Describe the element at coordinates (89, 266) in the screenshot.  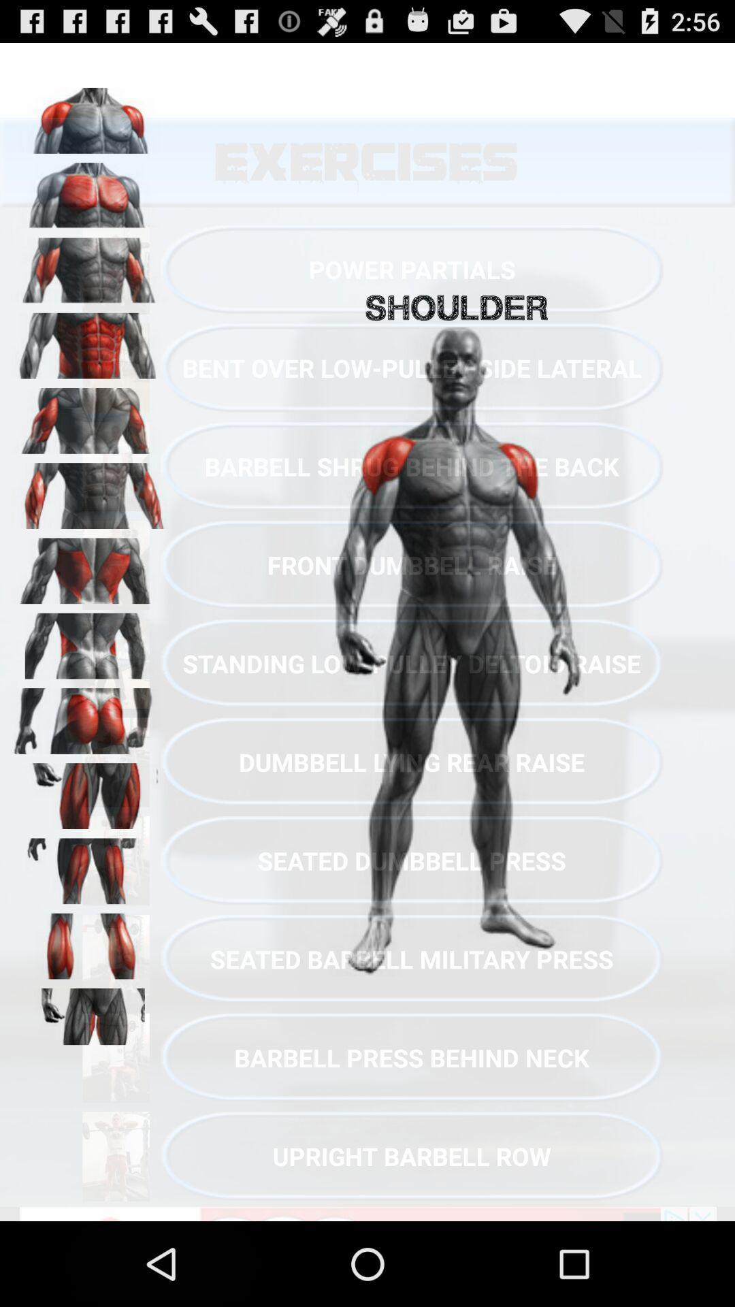
I see `tricpes` at that location.